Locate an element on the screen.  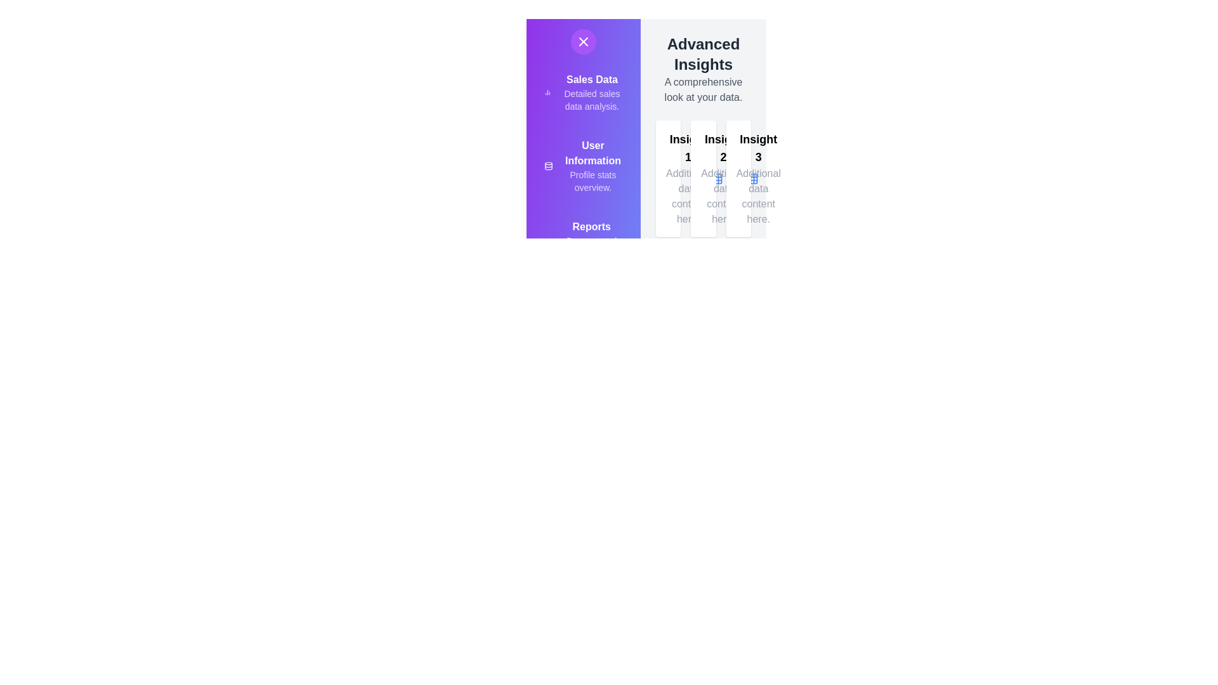
the grid icon in the insight card labeled Insight 1 is located at coordinates (717, 178).